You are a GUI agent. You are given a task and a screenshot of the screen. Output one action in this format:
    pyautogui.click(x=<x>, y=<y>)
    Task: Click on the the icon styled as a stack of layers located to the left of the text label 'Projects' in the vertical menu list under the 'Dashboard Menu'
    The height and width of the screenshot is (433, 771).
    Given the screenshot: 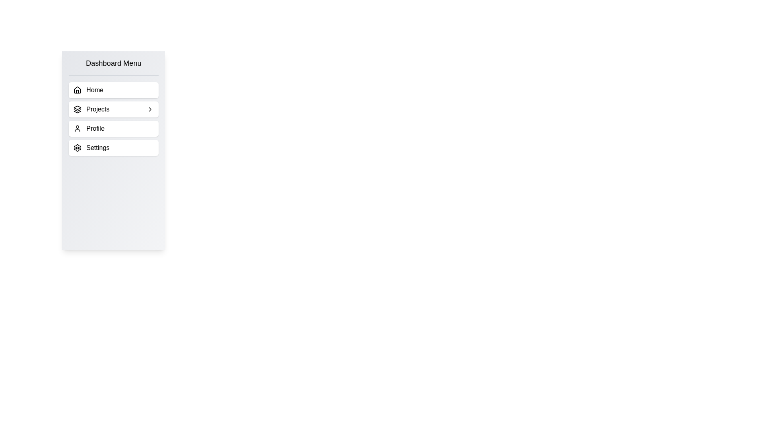 What is the action you would take?
    pyautogui.click(x=77, y=109)
    